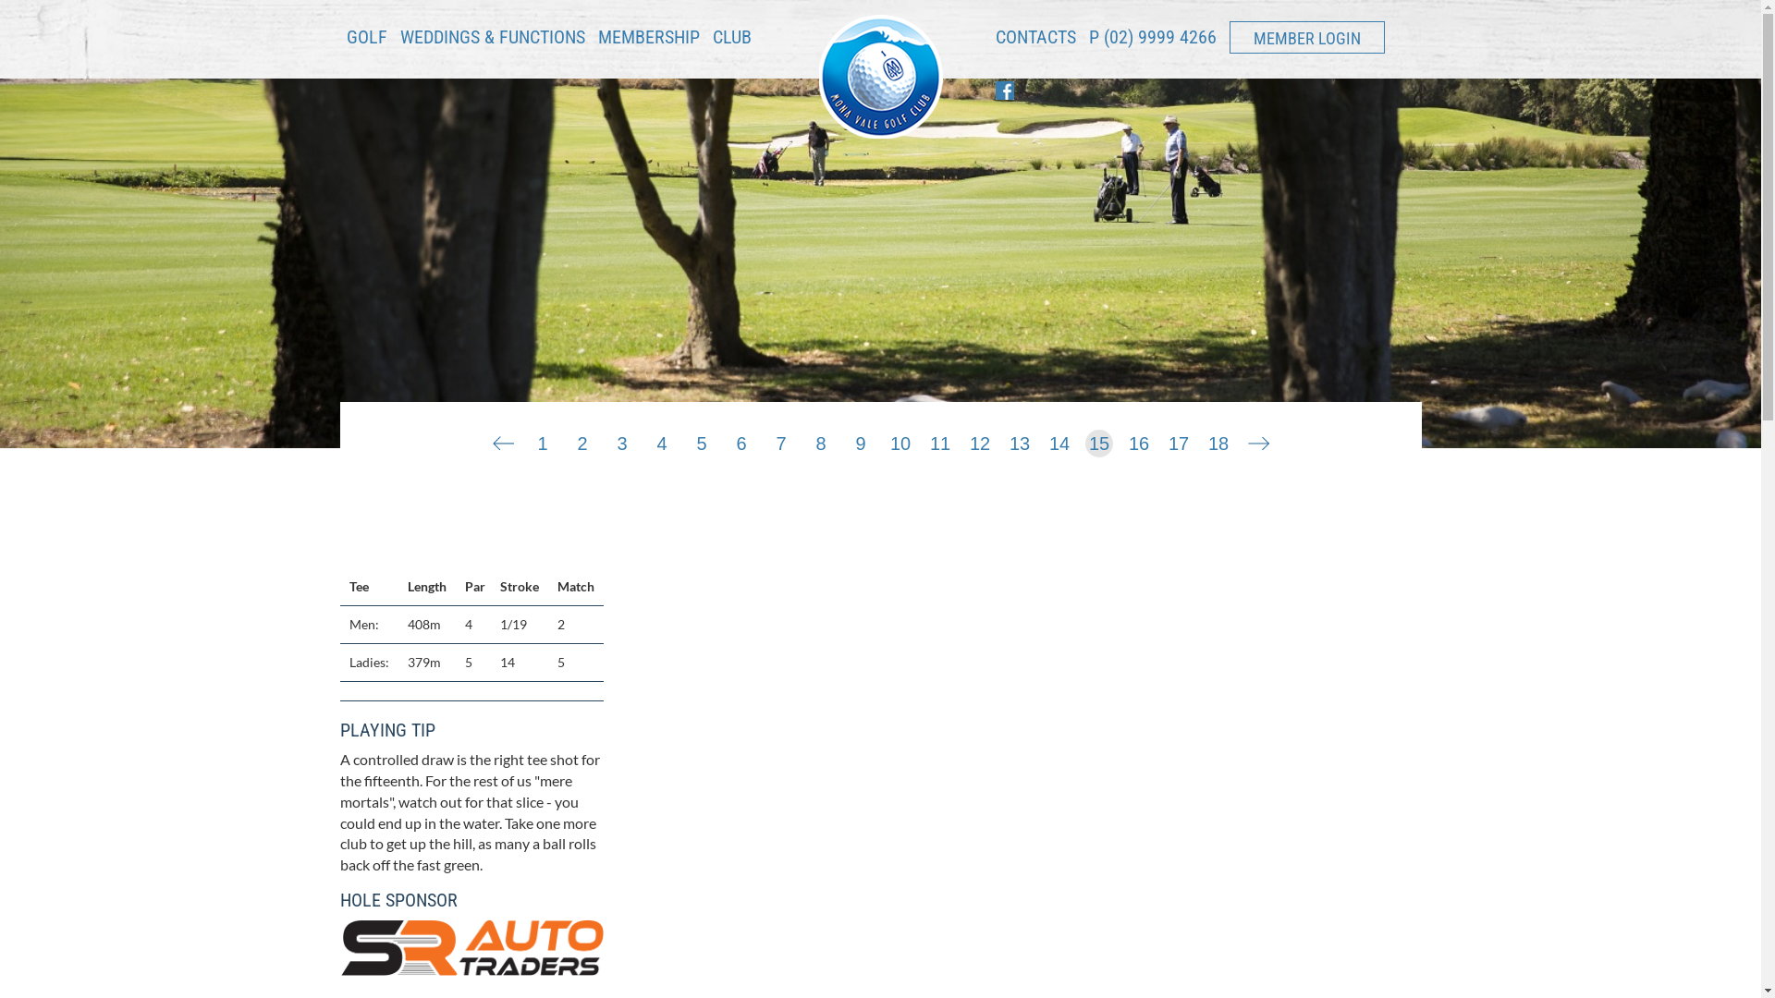  What do you see at coordinates (567, 439) in the screenshot?
I see `'2'` at bounding box center [567, 439].